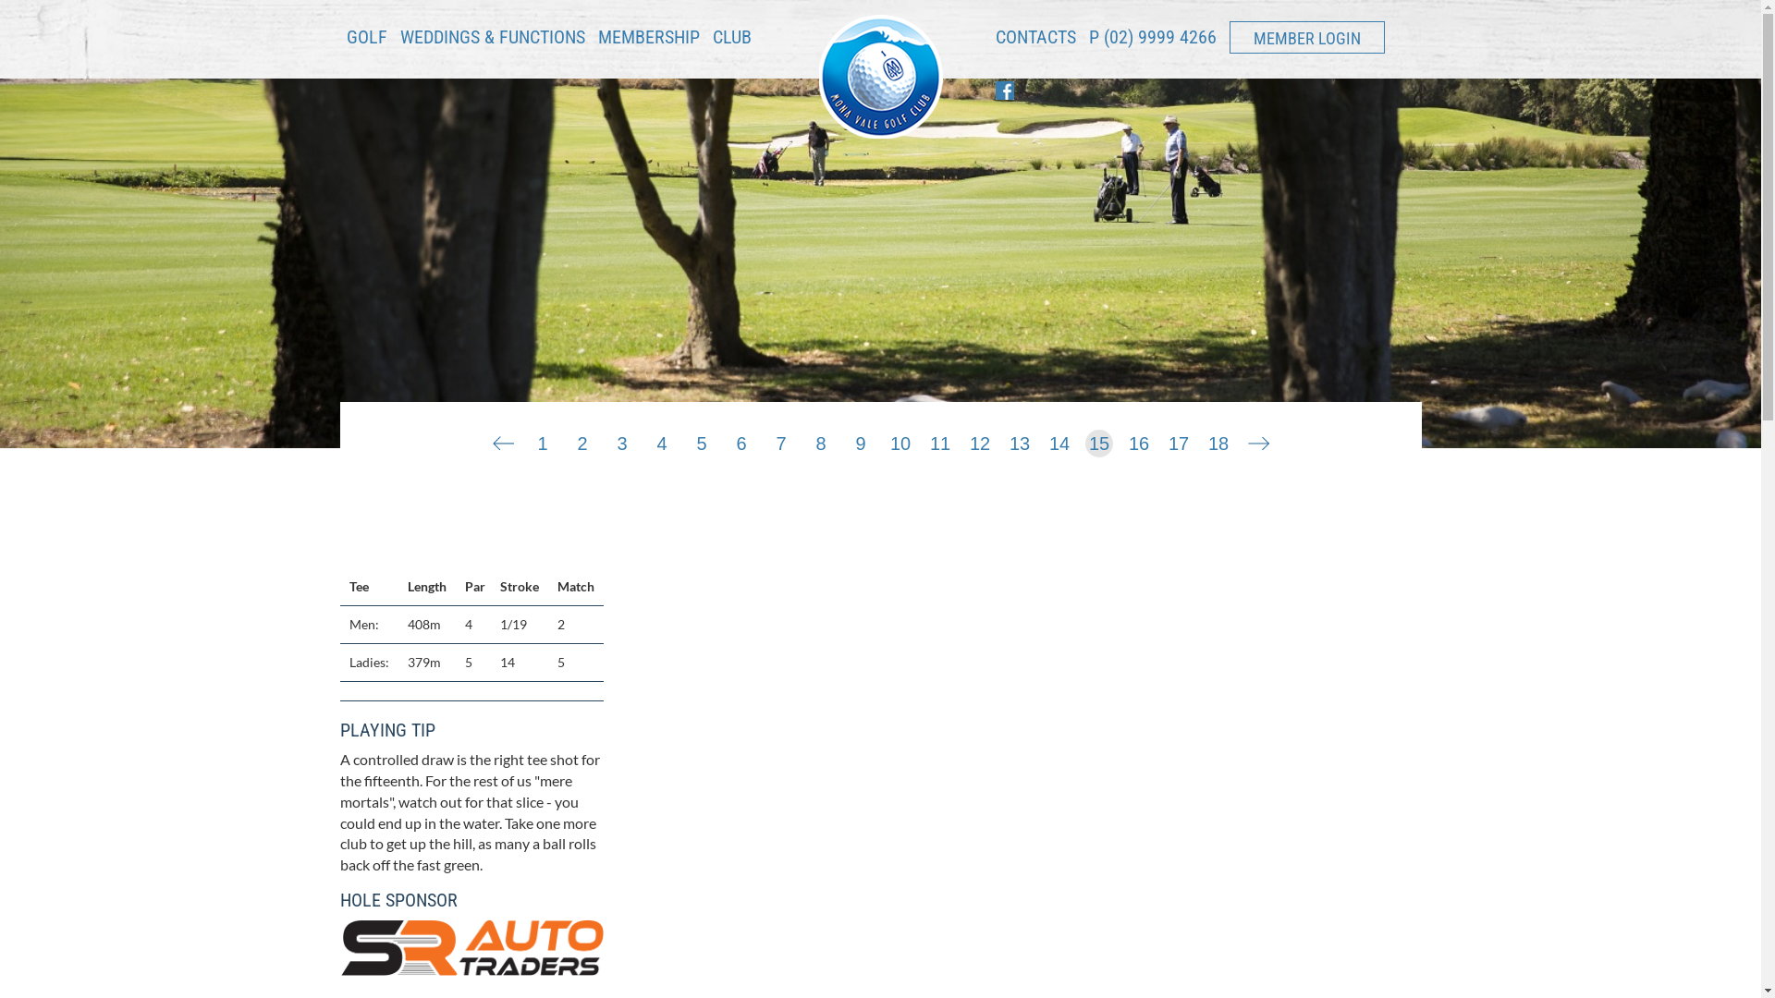  What do you see at coordinates (567, 439) in the screenshot?
I see `'2'` at bounding box center [567, 439].